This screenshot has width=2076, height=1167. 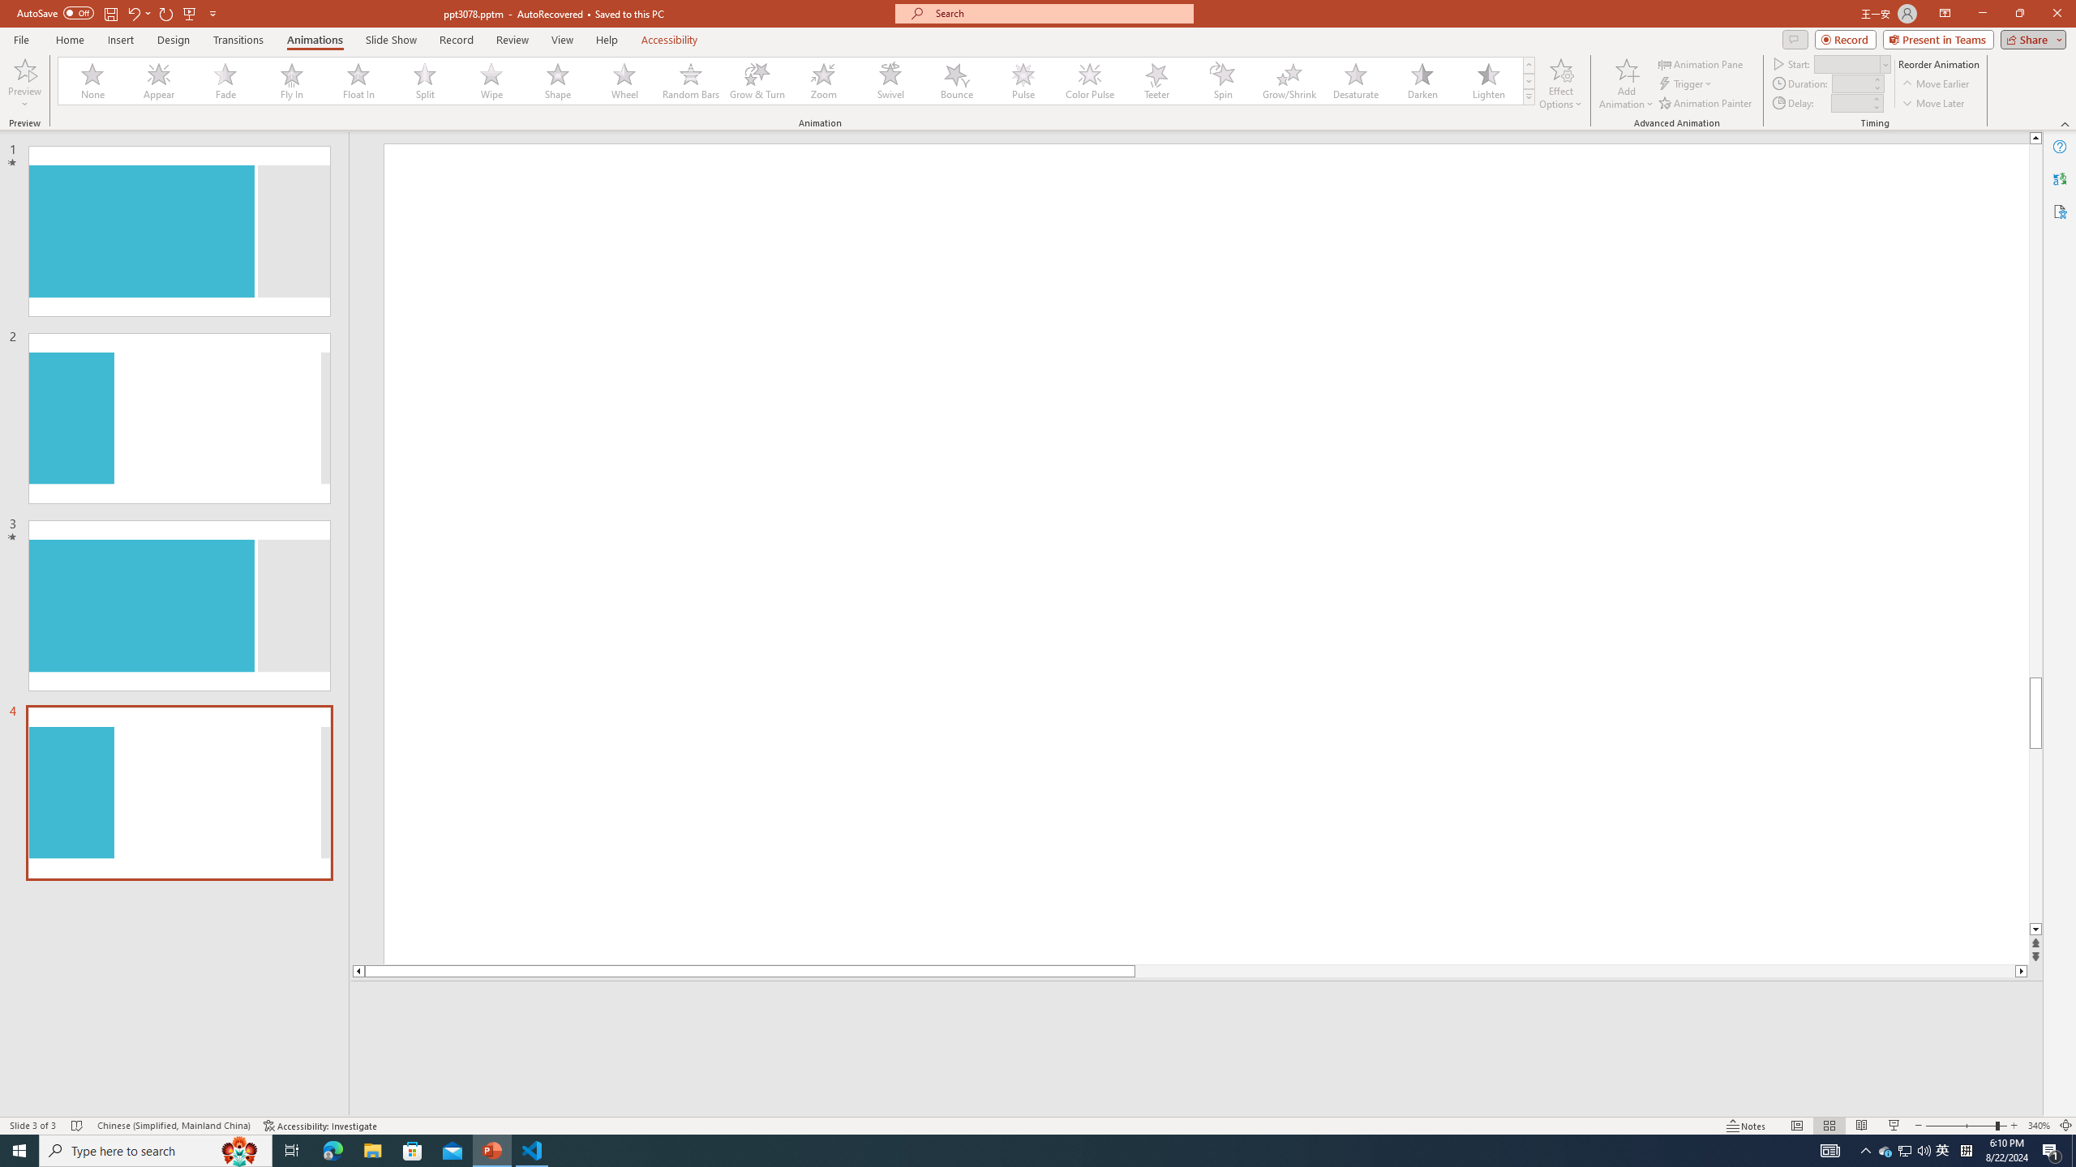 I want to click on 'Appear', so click(x=159, y=80).